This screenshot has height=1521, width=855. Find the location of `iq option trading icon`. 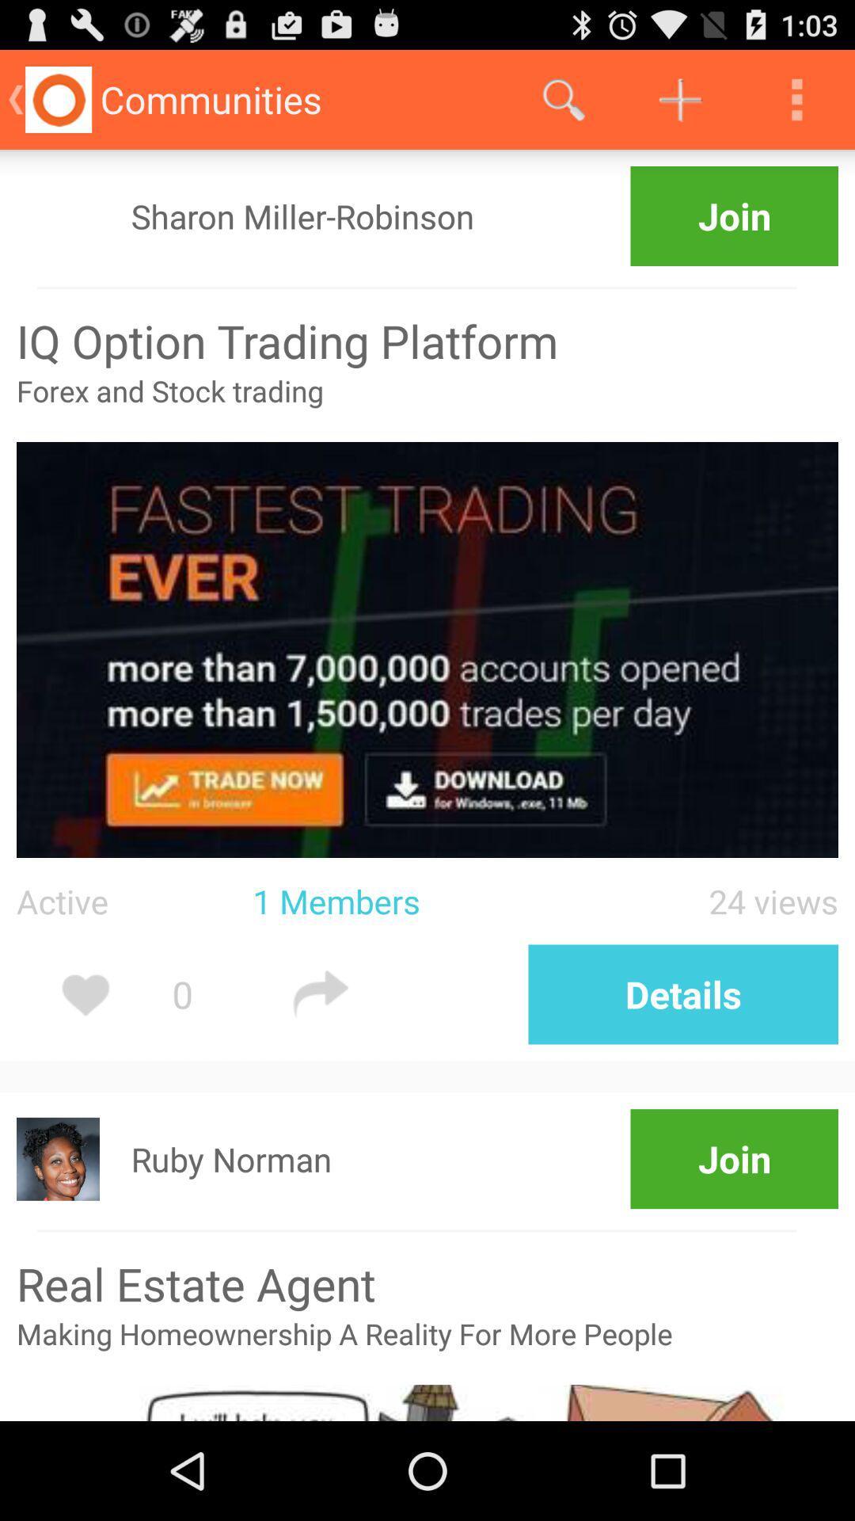

iq option trading icon is located at coordinates (427, 340).